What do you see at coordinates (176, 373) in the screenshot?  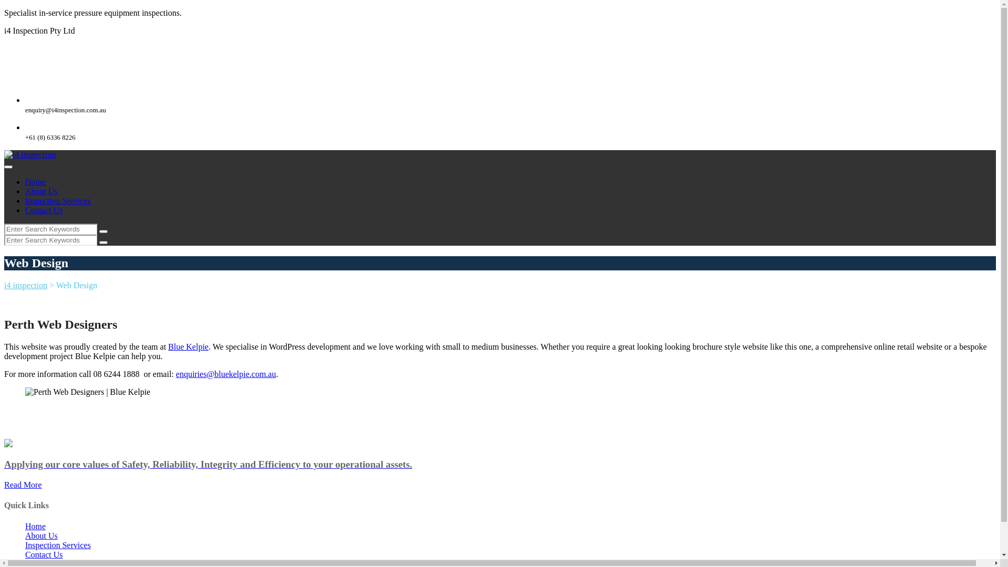 I see `'enquiries@bluekelpie.com.au'` at bounding box center [176, 373].